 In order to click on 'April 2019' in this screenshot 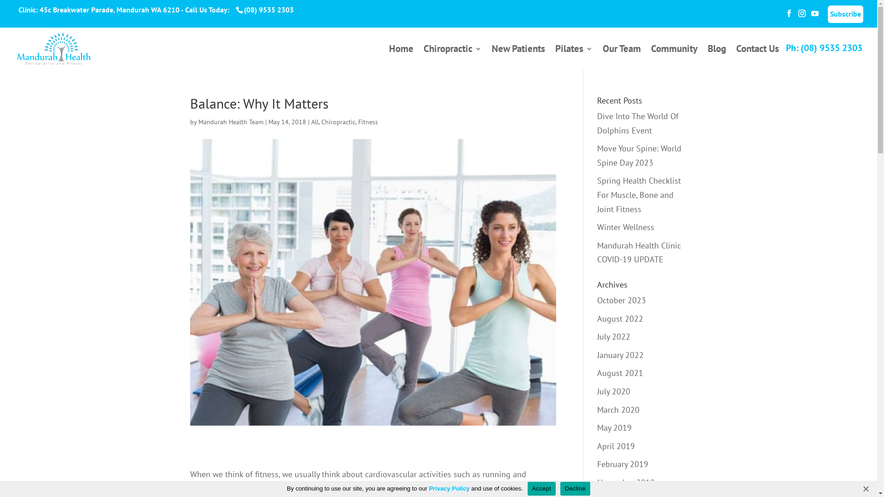, I will do `click(616, 445)`.